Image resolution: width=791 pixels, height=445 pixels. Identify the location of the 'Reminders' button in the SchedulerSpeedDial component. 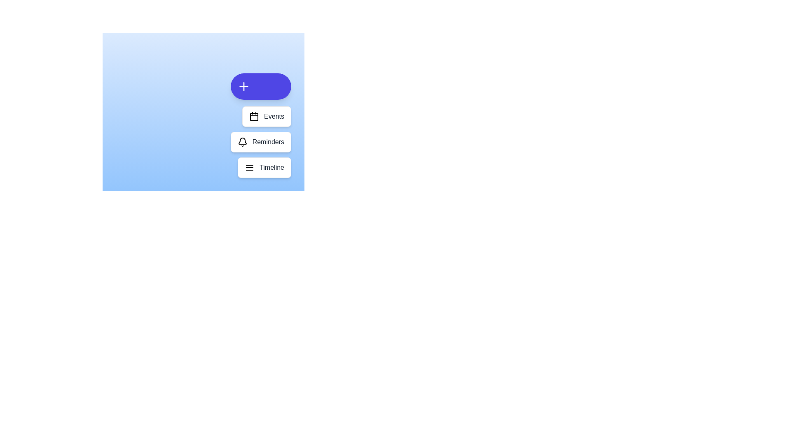
(260, 141).